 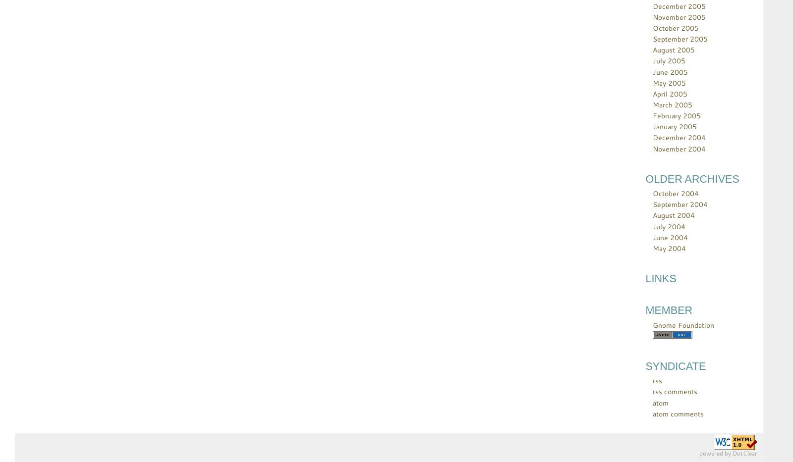 What do you see at coordinates (675, 365) in the screenshot?
I see `'Syndicate'` at bounding box center [675, 365].